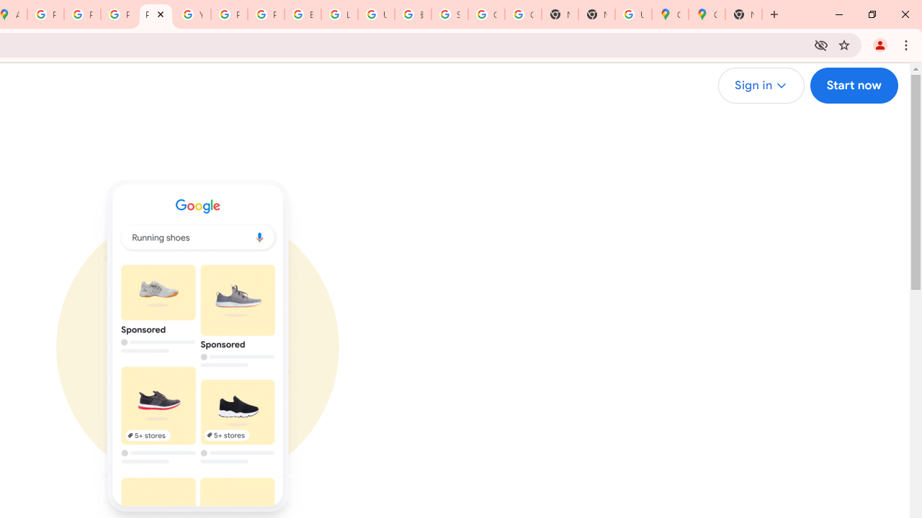  What do you see at coordinates (669, 14) in the screenshot?
I see `'Google Maps'` at bounding box center [669, 14].